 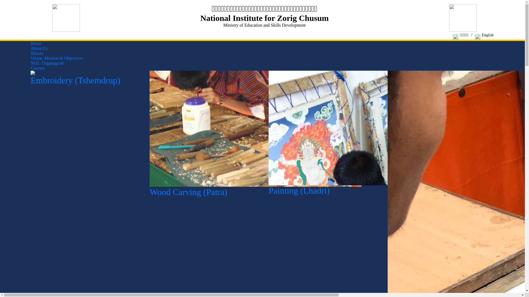 What do you see at coordinates (47, 63) in the screenshot?
I see `'NIZC Organogram'` at bounding box center [47, 63].